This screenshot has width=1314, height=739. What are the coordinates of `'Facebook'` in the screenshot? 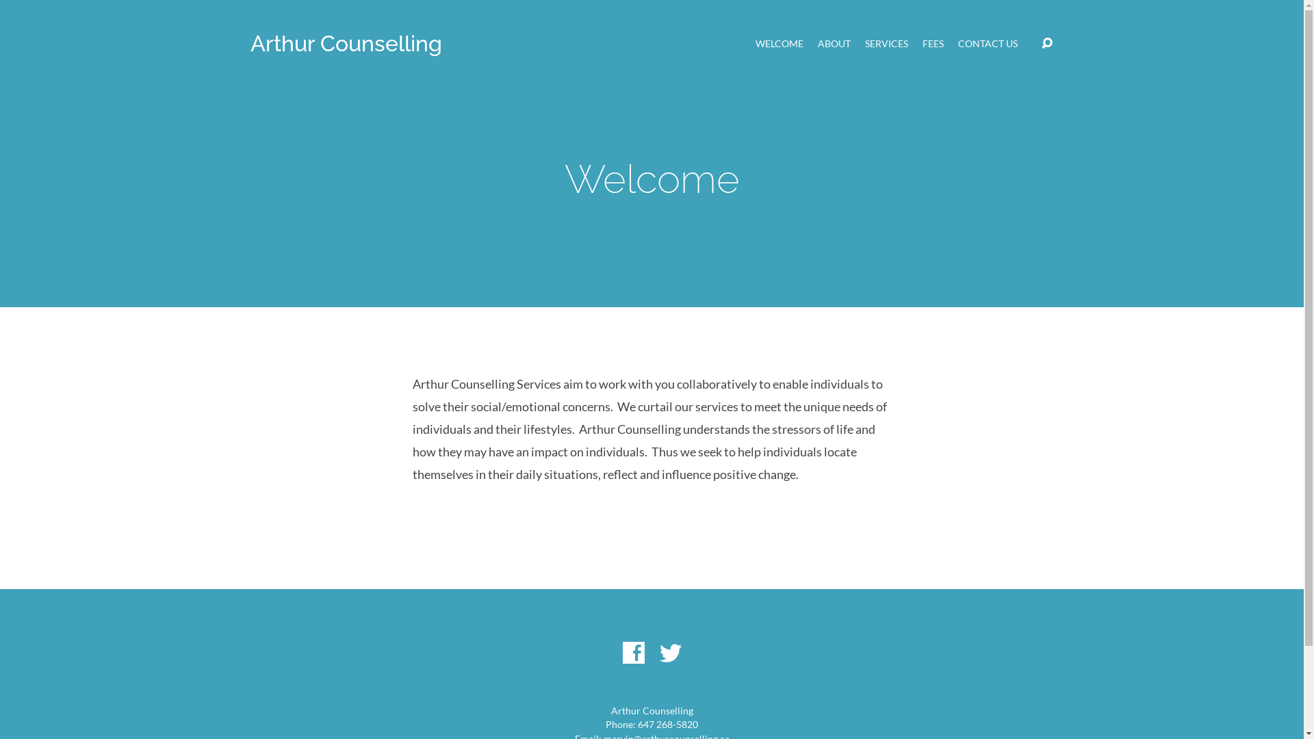 It's located at (633, 651).